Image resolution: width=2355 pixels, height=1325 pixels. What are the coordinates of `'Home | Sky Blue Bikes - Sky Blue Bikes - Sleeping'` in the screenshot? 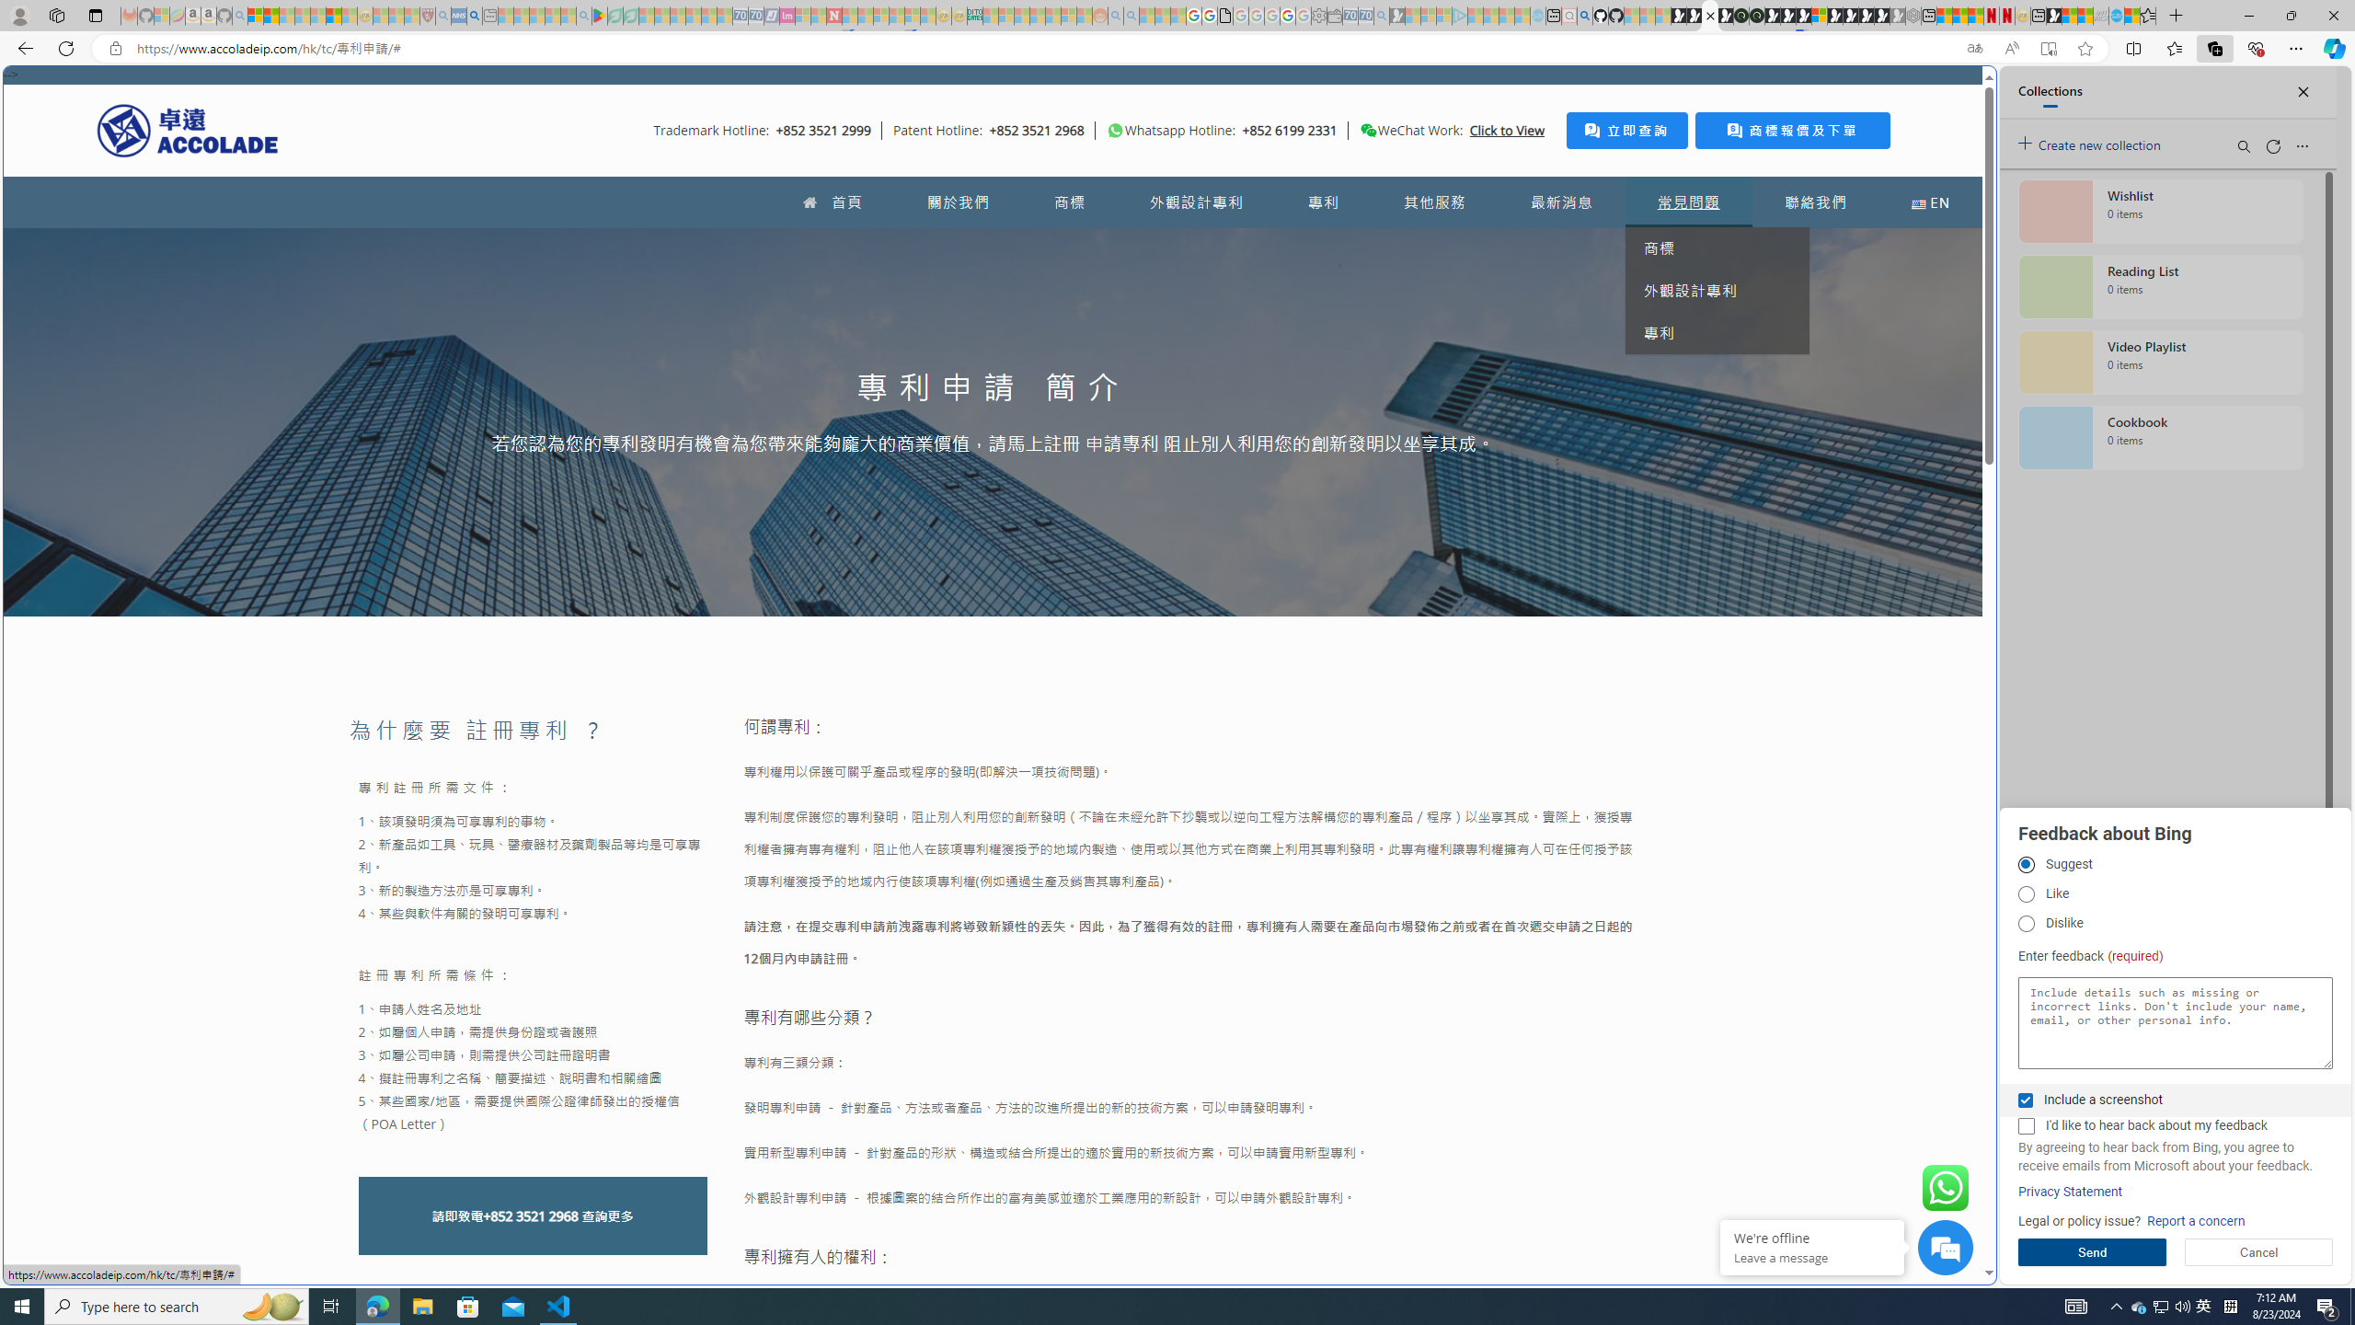 It's located at (1537, 15).